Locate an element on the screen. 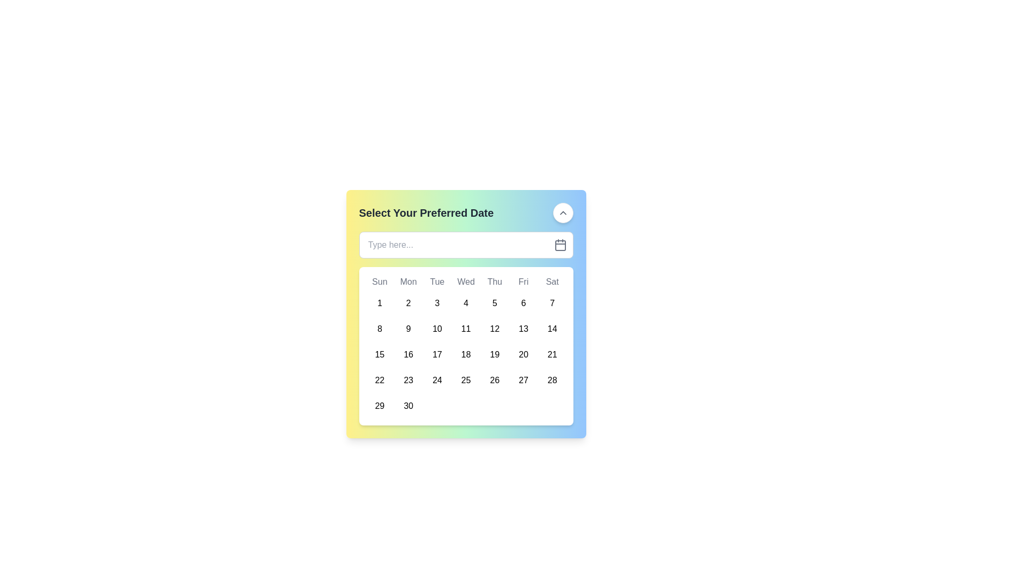 The height and width of the screenshot is (578, 1028). the circular button labeled '11' in the third row, fourth column of the monthly calendar grid is located at coordinates (466, 328).